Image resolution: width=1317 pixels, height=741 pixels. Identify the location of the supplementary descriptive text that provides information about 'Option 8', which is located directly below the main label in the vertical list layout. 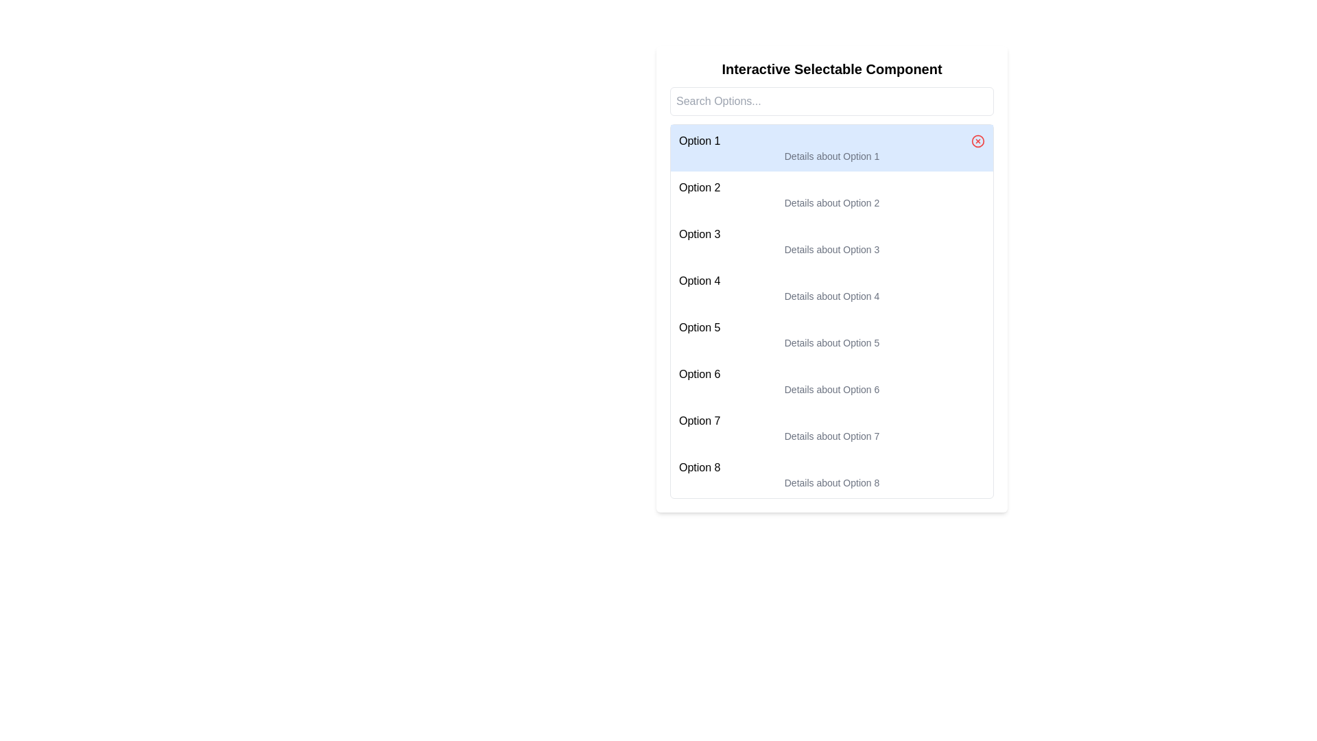
(831, 482).